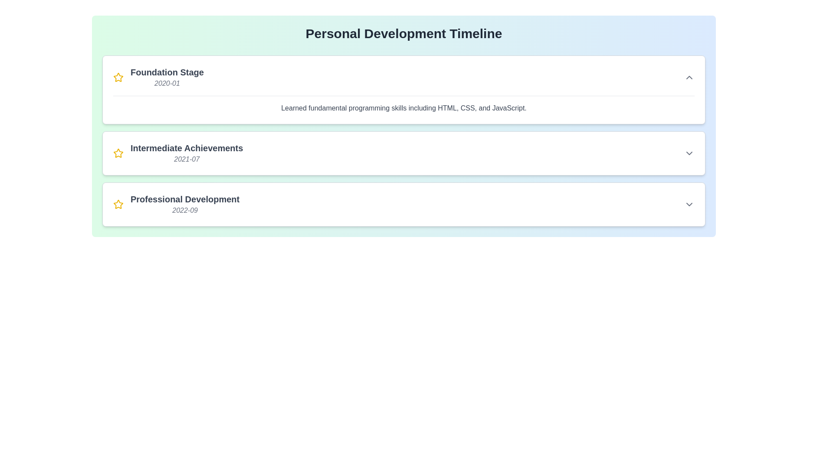 This screenshot has width=833, height=468. What do you see at coordinates (403, 204) in the screenshot?
I see `the list item titled 'Professional Development' with the date '2022-09'` at bounding box center [403, 204].